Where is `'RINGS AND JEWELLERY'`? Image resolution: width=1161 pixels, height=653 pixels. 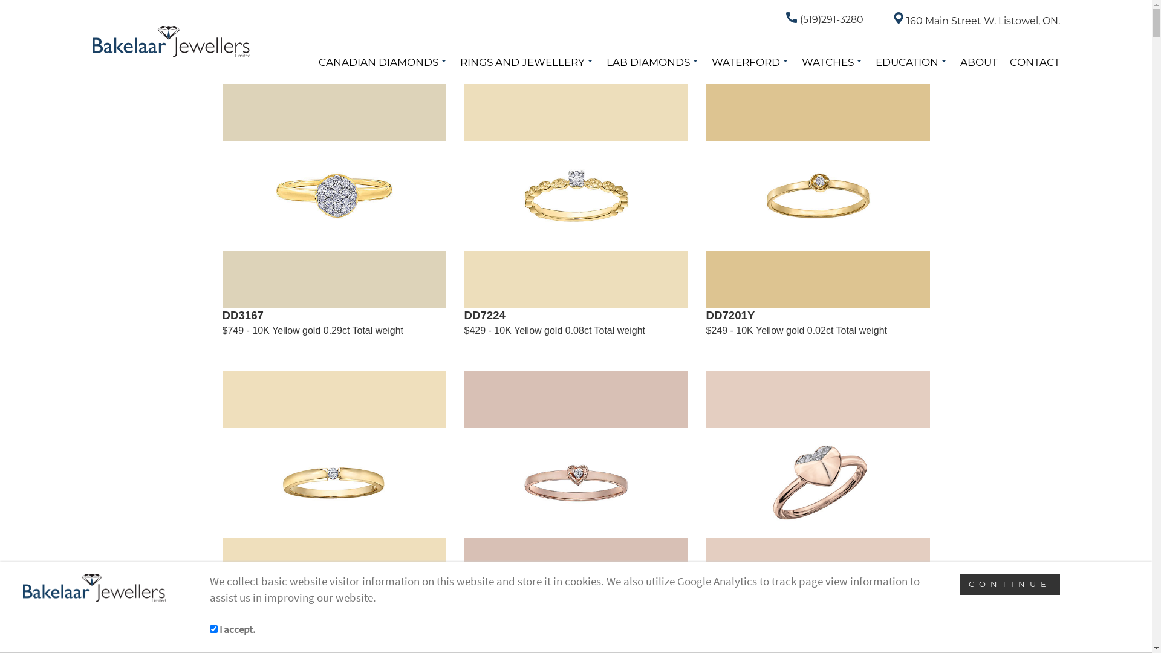 'RINGS AND JEWELLERY' is located at coordinates (526, 62).